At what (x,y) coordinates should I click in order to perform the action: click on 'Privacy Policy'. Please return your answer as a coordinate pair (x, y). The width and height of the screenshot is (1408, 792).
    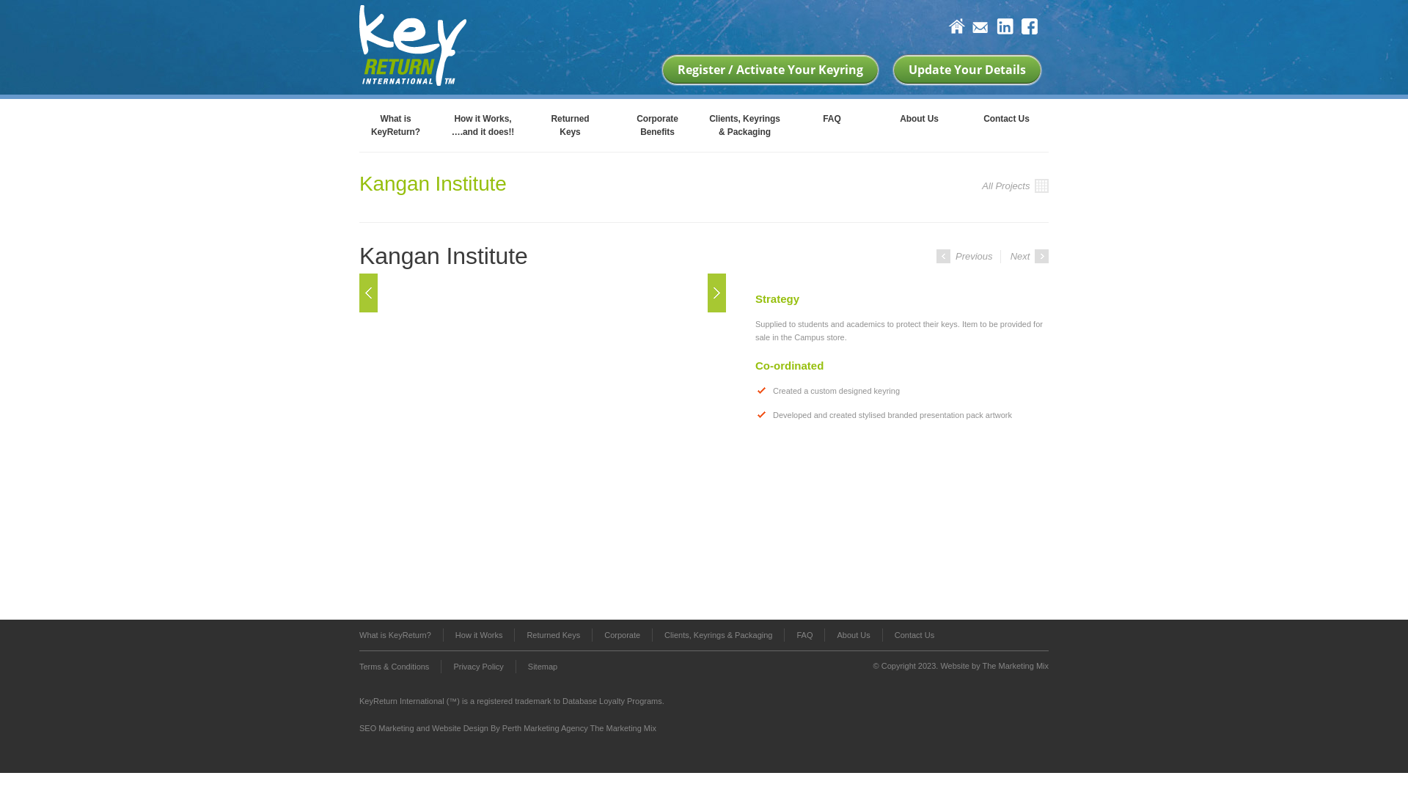
    Looking at the image, I should click on (477, 667).